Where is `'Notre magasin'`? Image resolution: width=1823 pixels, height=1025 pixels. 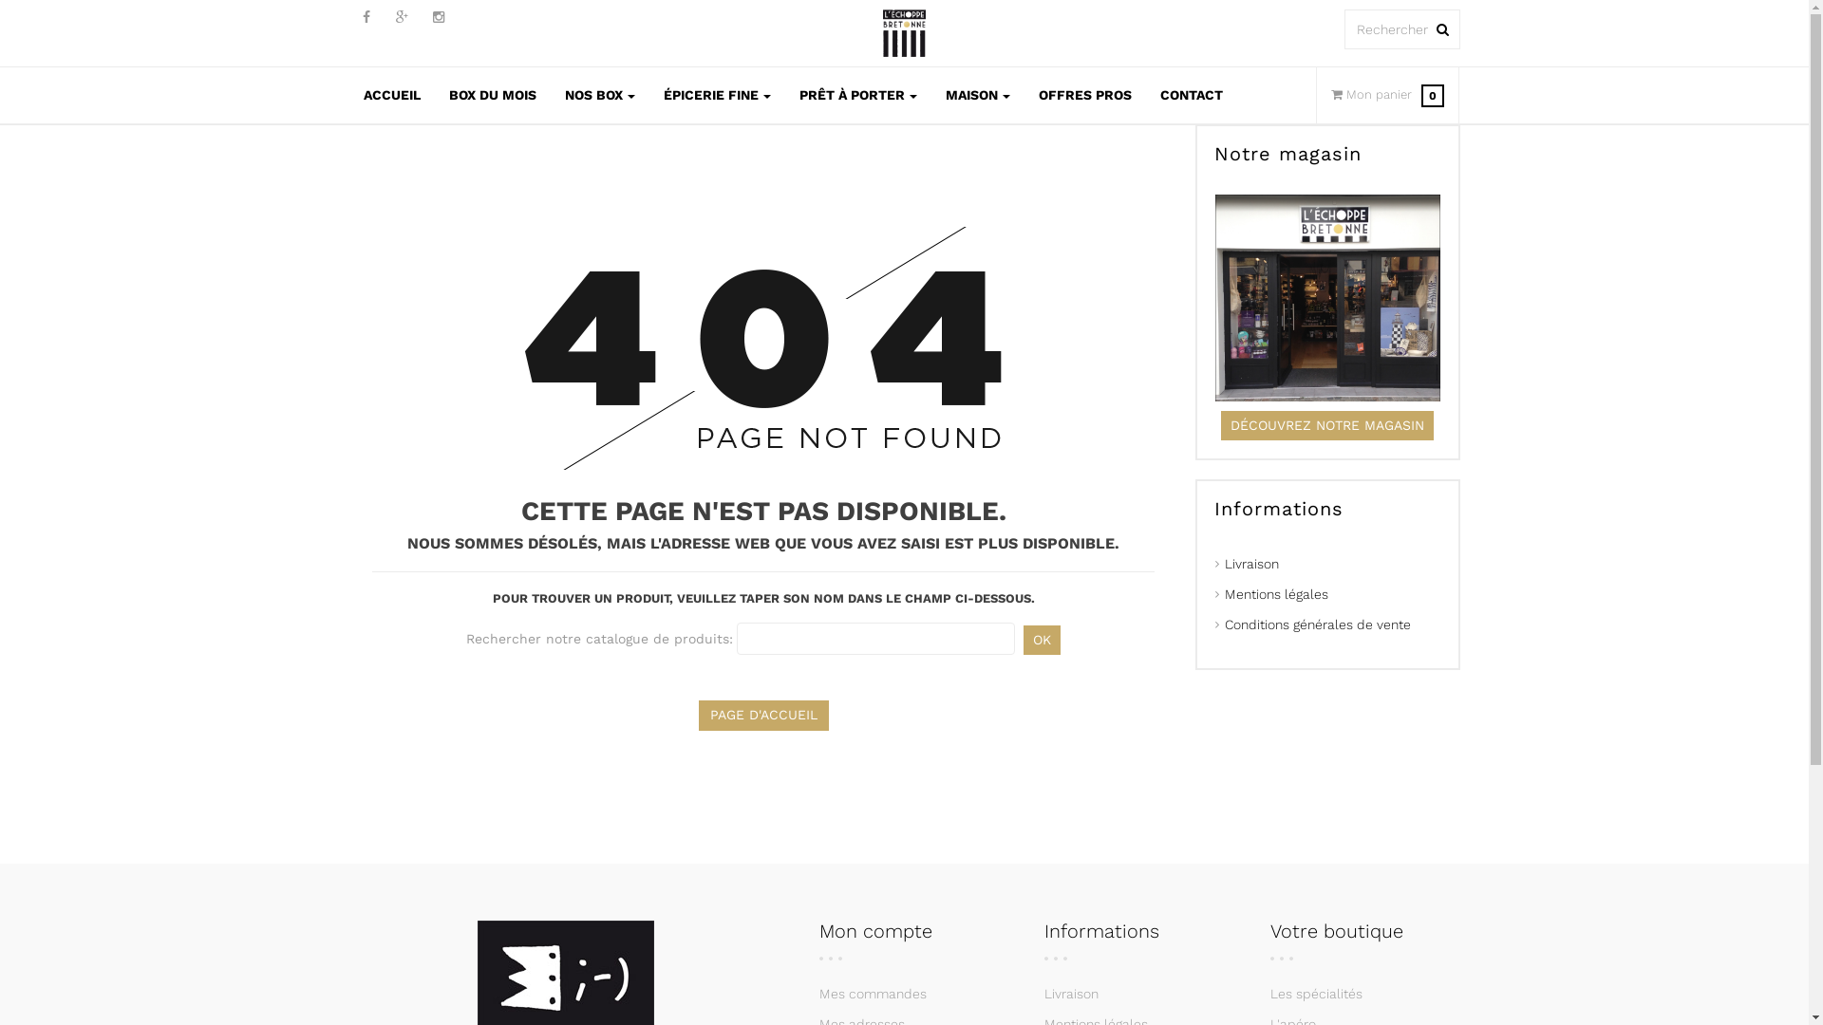
'Notre magasin' is located at coordinates (1326, 297).